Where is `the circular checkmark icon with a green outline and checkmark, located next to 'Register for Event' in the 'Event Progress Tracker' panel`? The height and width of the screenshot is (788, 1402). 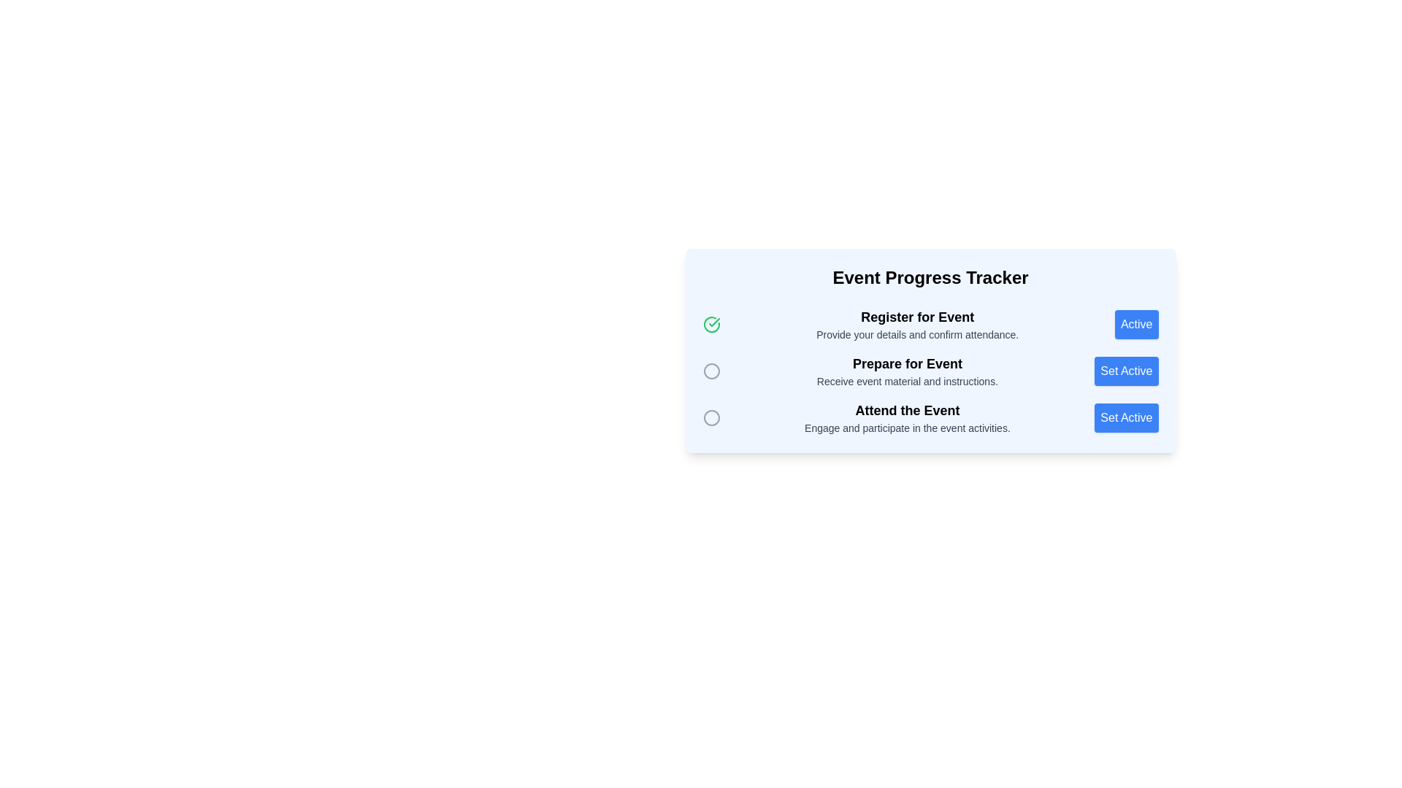 the circular checkmark icon with a green outline and checkmark, located next to 'Register for Event' in the 'Event Progress Tracker' panel is located at coordinates (711, 323).